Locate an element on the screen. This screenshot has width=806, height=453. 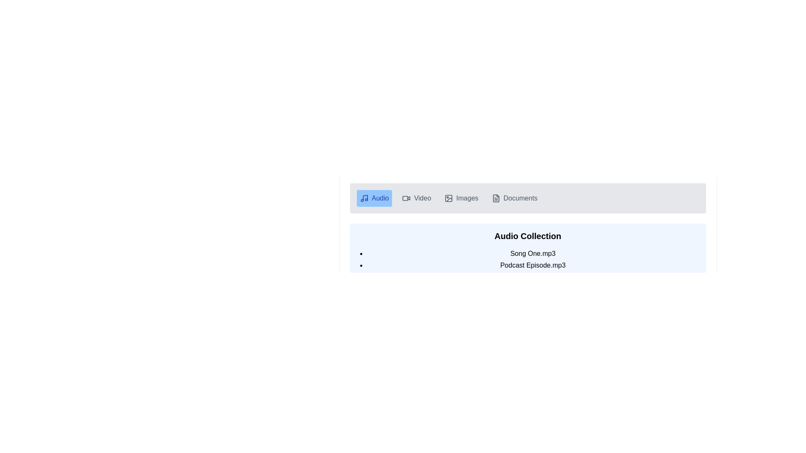
the 'Video' button, which has a gray label and a video camera icon, located between the 'Audio' and 'Images' buttons is located at coordinates (416, 198).